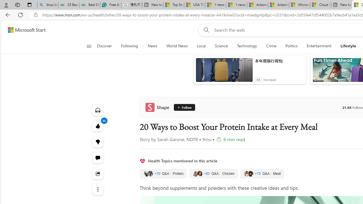 This screenshot has height=204, width=363. I want to click on 'Class: quote-thumbnail', so click(250, 173).